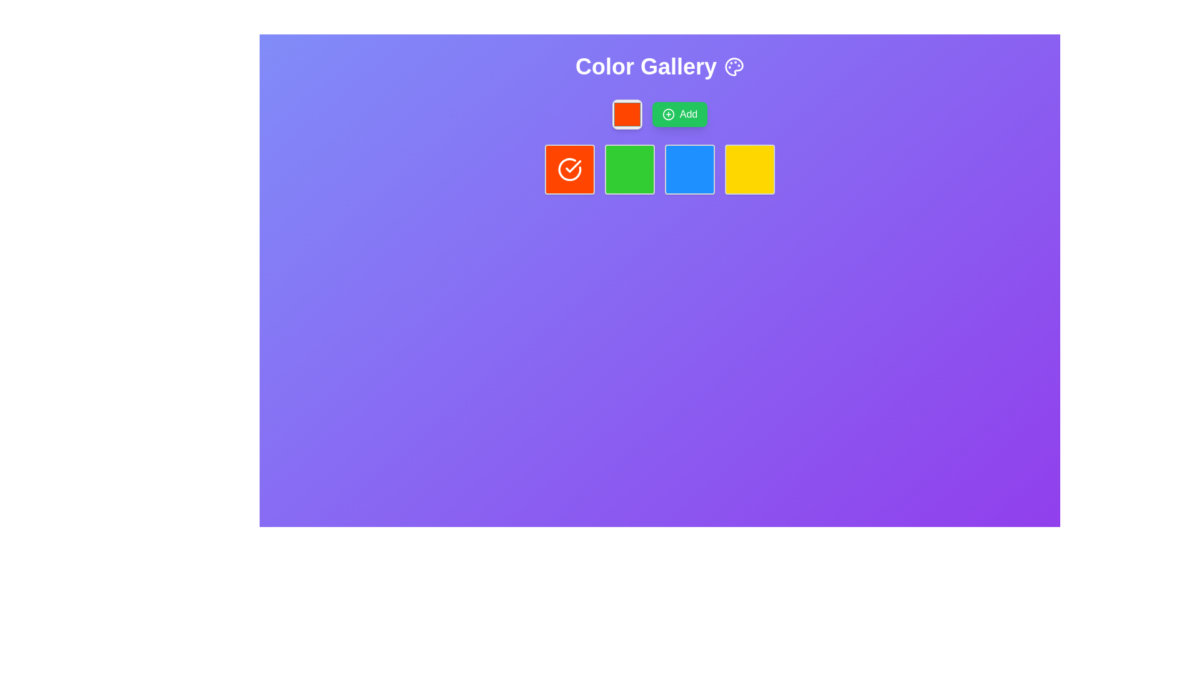 This screenshot has width=1201, height=676. What do you see at coordinates (689, 169) in the screenshot?
I see `the visual display block located in the third position of a horizontal sequence of four square blocks in the grid layout` at bounding box center [689, 169].